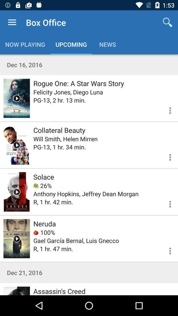  I want to click on solace icon, so click(44, 176).